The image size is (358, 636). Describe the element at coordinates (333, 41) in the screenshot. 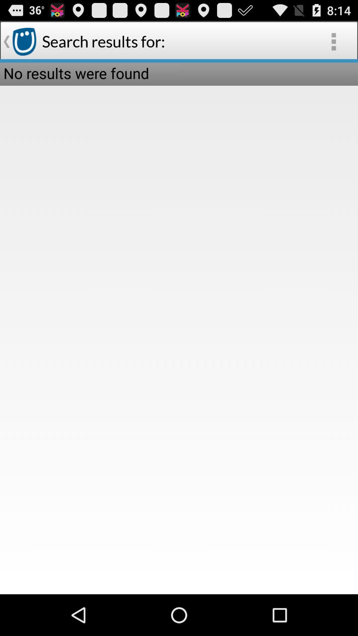

I see `the app to the right of the search results for:  item` at that location.